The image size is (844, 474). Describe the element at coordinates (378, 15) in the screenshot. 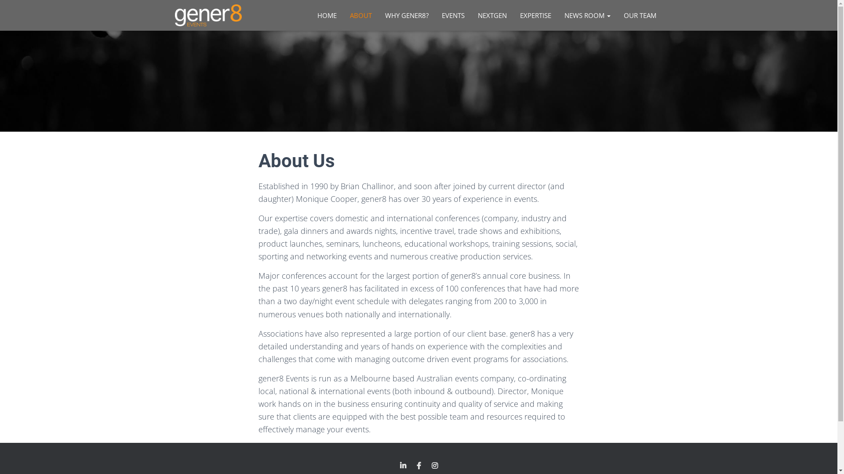

I see `'WHY GENER8?'` at that location.